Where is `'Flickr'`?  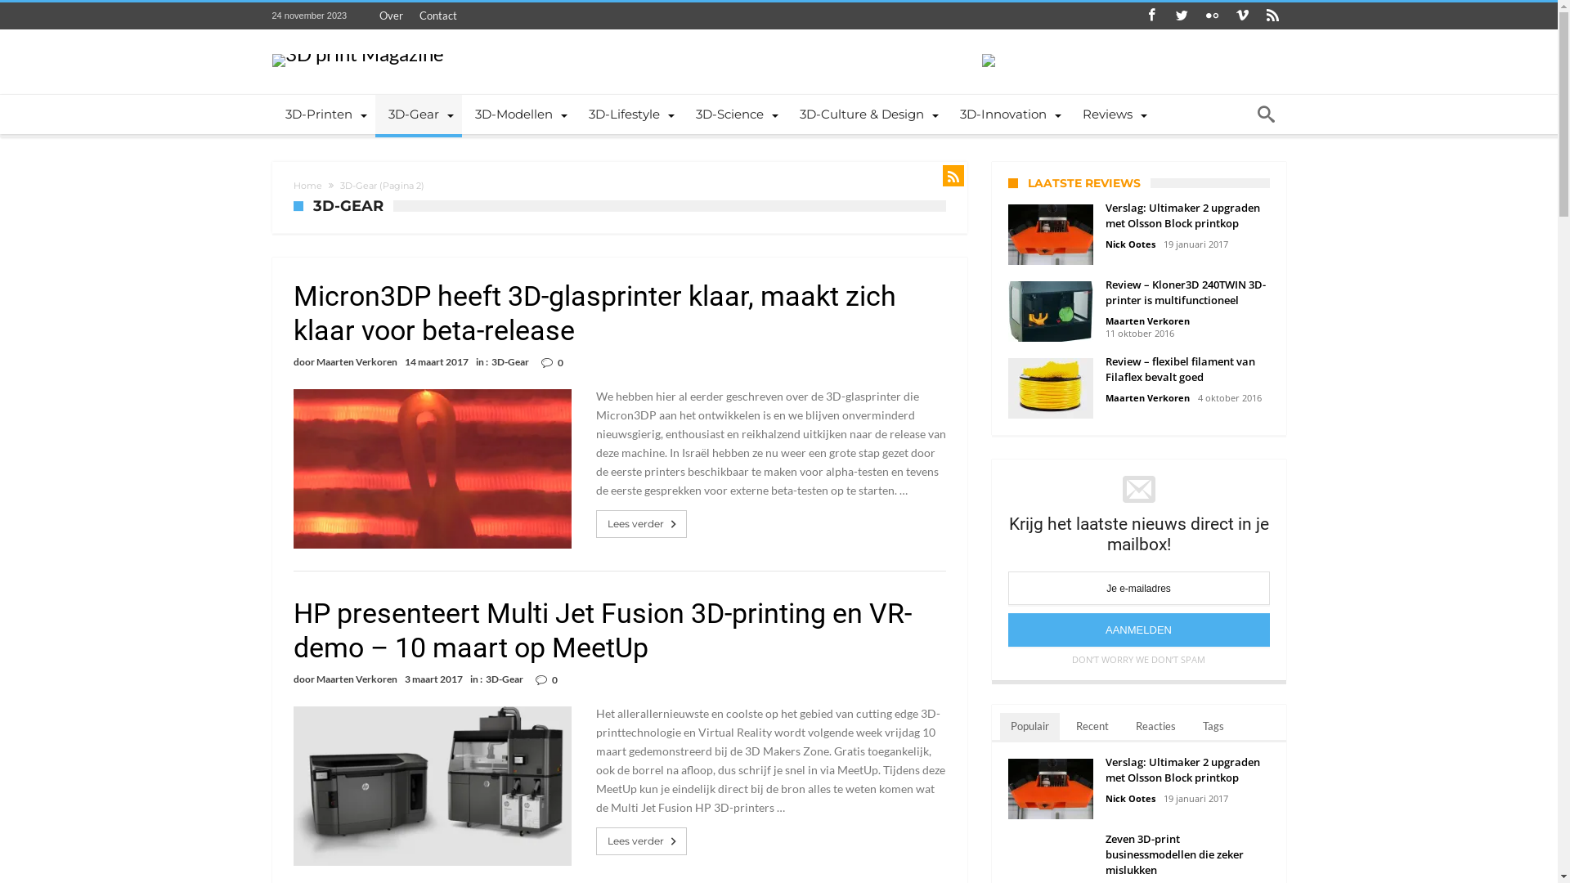 'Flickr' is located at coordinates (1212, 16).